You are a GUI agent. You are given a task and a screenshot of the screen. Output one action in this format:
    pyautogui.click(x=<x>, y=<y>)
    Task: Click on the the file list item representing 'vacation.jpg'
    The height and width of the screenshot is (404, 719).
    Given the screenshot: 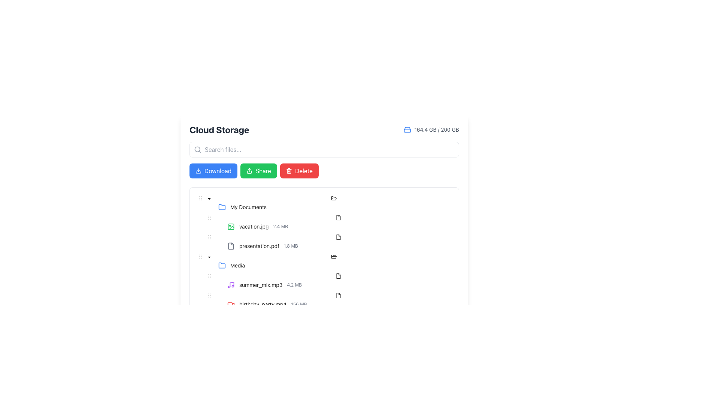 What is the action you would take?
    pyautogui.click(x=338, y=226)
    